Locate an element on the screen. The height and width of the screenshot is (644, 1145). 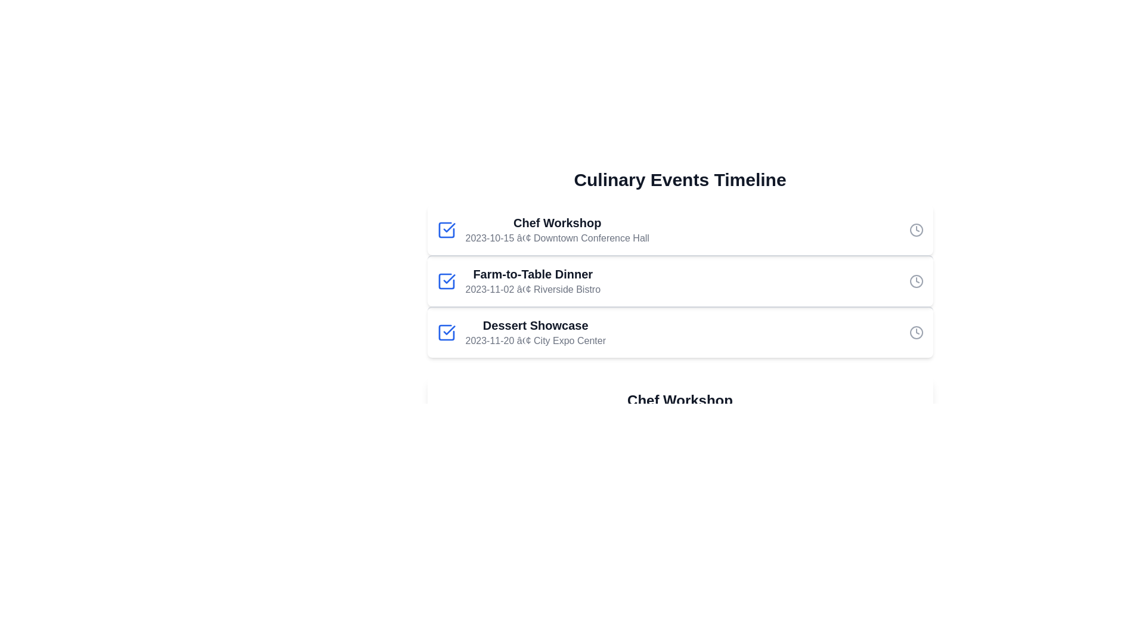
the header text element displaying 'Chef Workshop', which is styled in bold and large font, located at the center of its section is located at coordinates (680, 400).